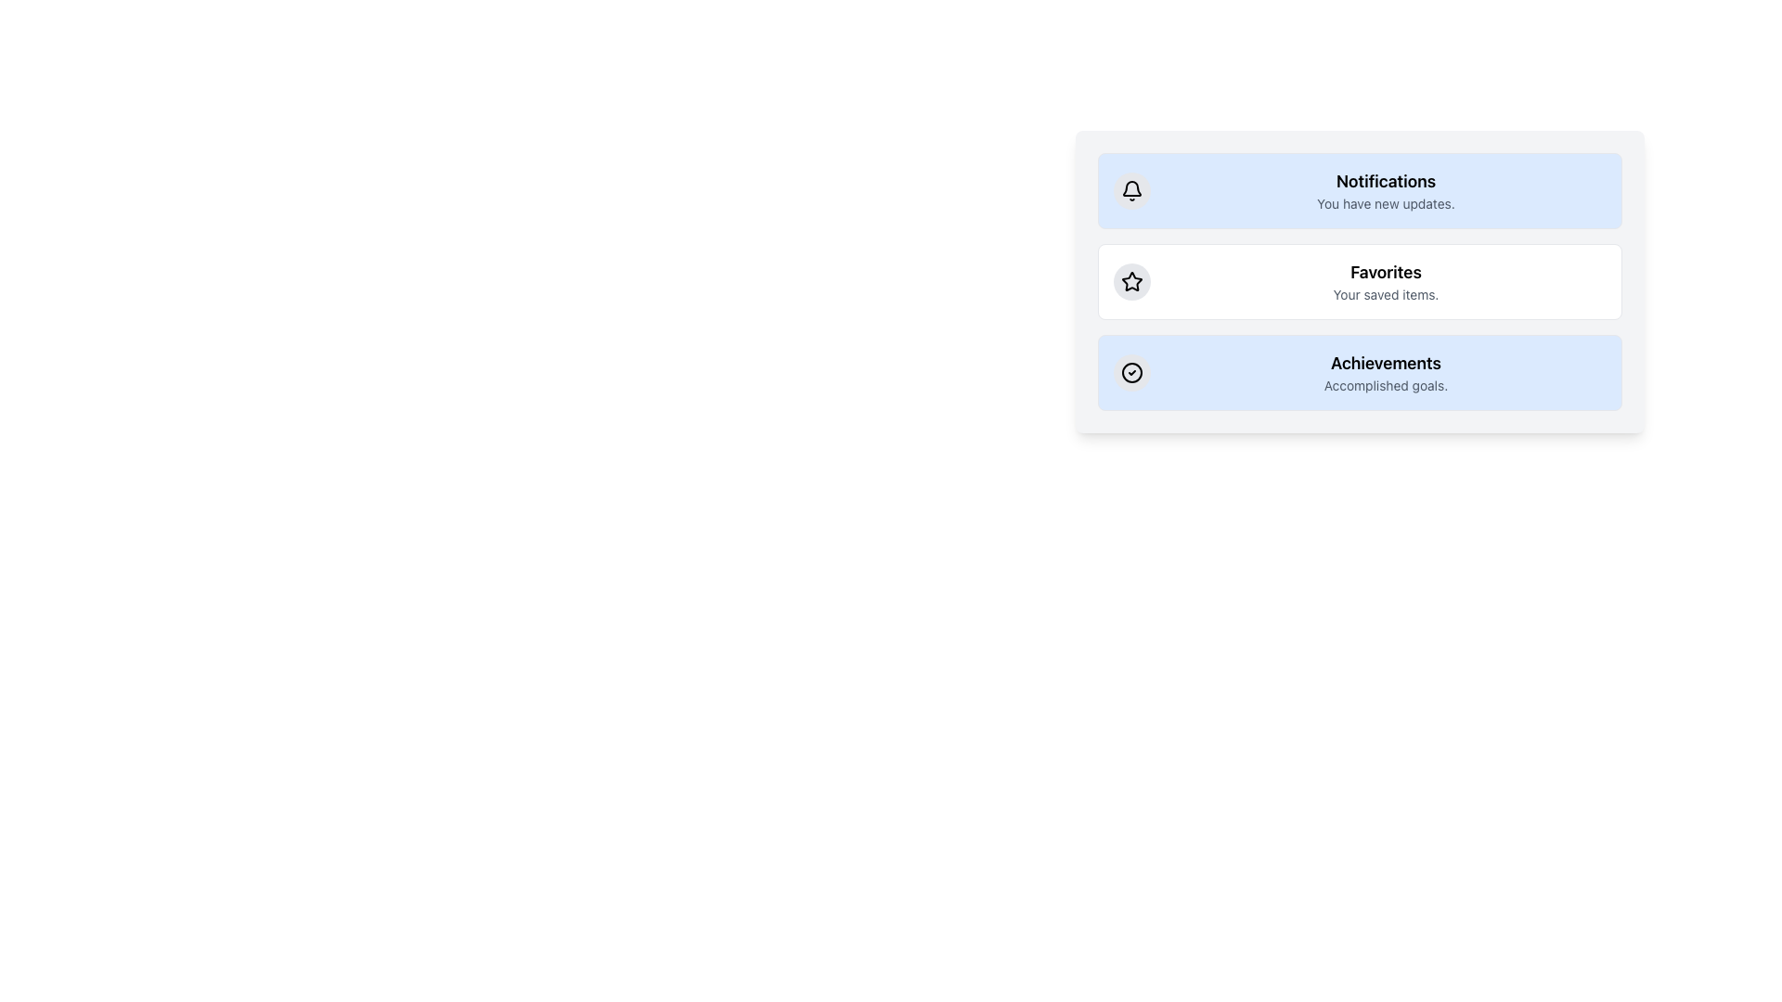  What do you see at coordinates (1130, 281) in the screenshot?
I see `the 'Favorites' icon, which is positioned in the middle section of a vertically aligned list of options, indicating items saved for quick access` at bounding box center [1130, 281].